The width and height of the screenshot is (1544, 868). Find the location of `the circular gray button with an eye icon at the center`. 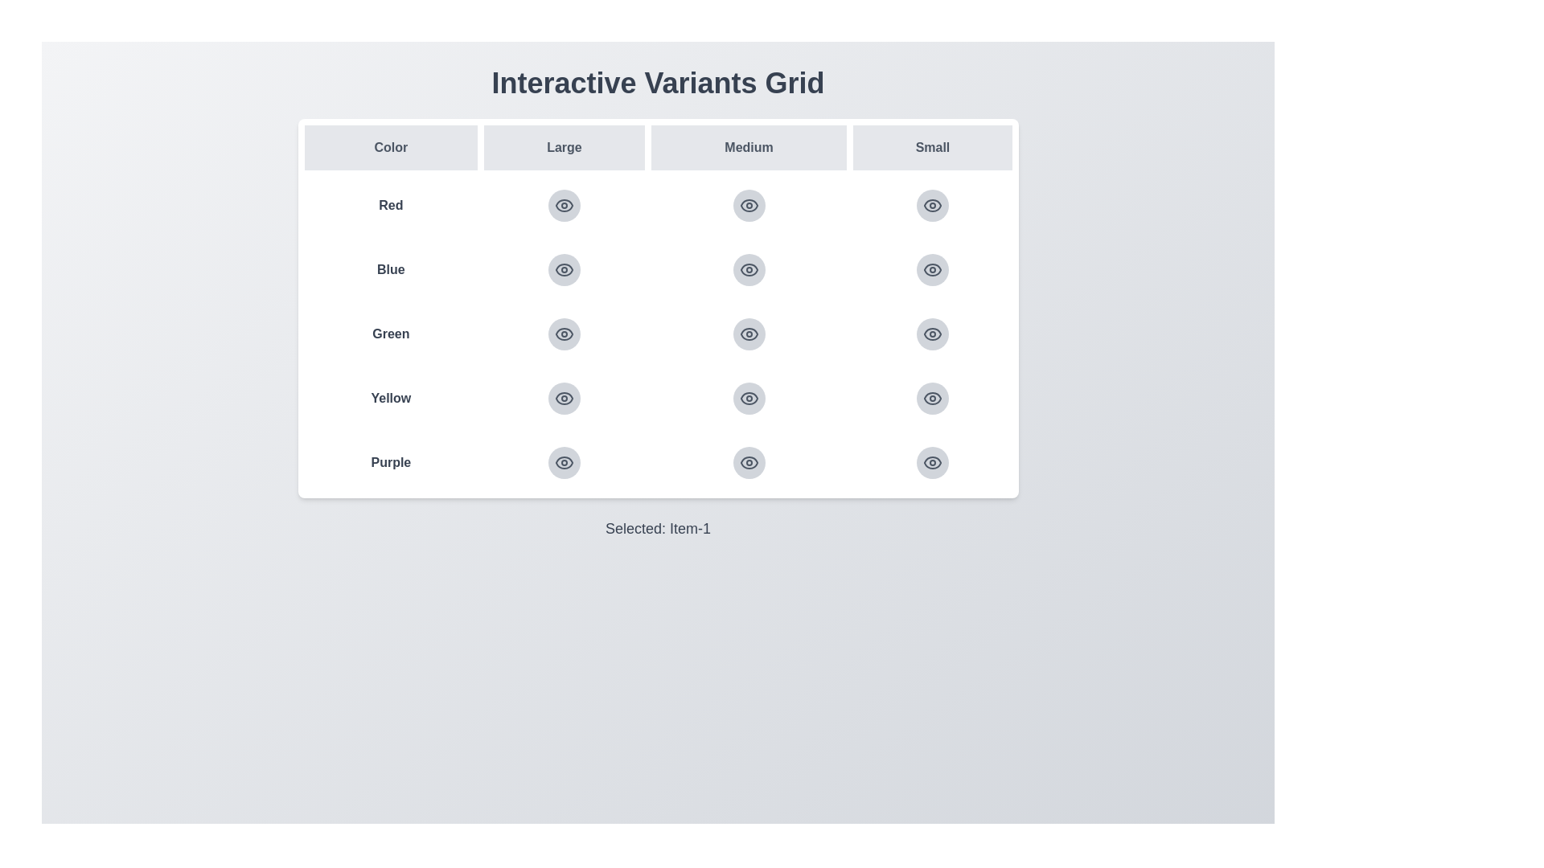

the circular gray button with an eye icon at the center is located at coordinates (933, 334).